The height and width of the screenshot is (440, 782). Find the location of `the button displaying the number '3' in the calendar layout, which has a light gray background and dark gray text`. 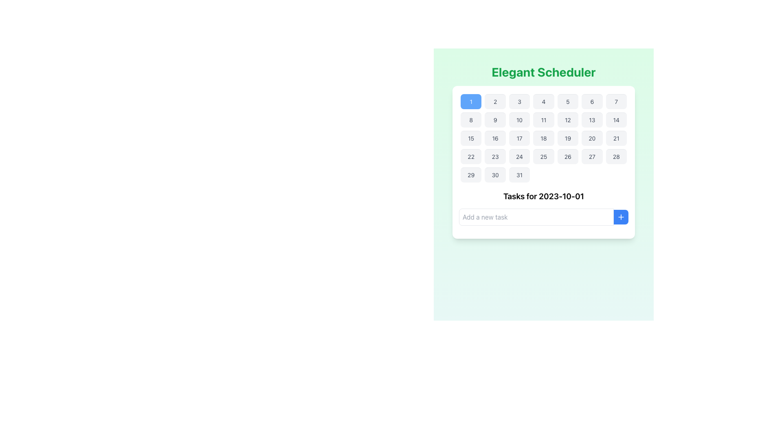

the button displaying the number '3' in the calendar layout, which has a light gray background and dark gray text is located at coordinates (519, 101).